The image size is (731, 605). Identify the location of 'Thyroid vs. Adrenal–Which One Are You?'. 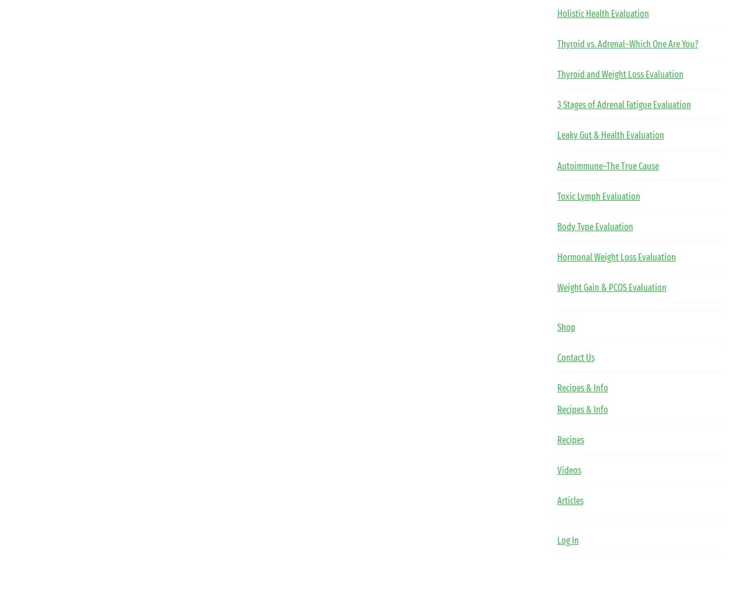
(626, 43).